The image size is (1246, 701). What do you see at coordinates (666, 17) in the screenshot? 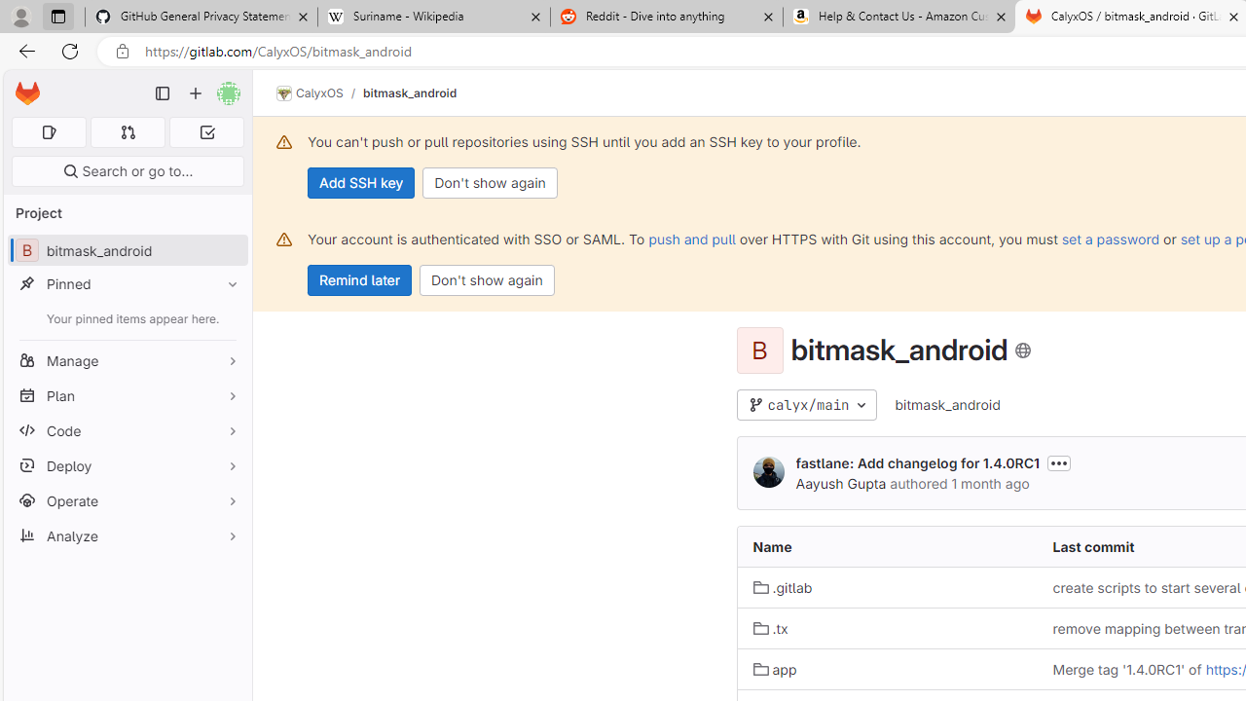
I see `'Reddit - Dive into anything'` at bounding box center [666, 17].